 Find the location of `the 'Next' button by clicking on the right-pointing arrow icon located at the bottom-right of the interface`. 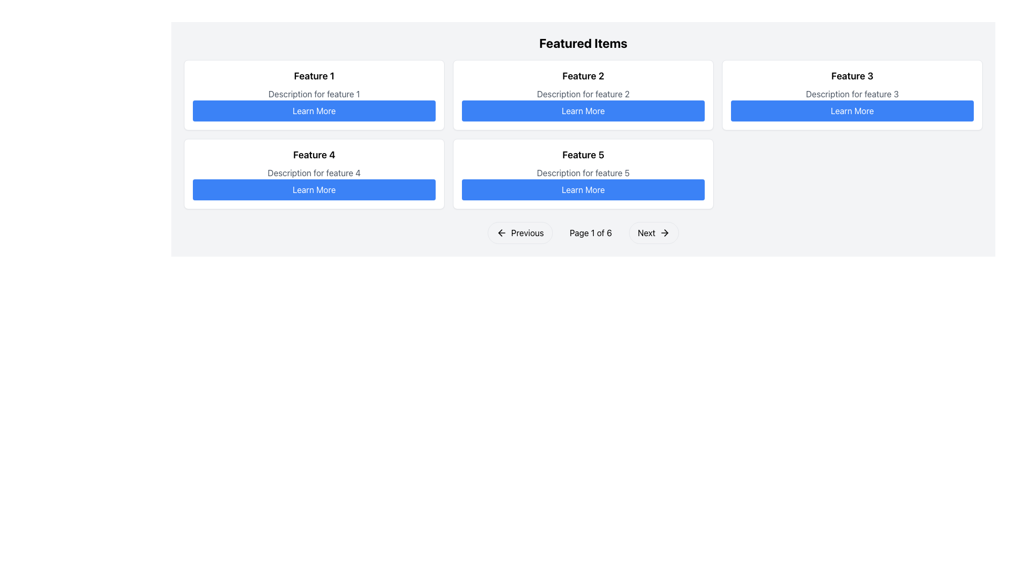

the 'Next' button by clicking on the right-pointing arrow icon located at the bottom-right of the interface is located at coordinates (665, 232).